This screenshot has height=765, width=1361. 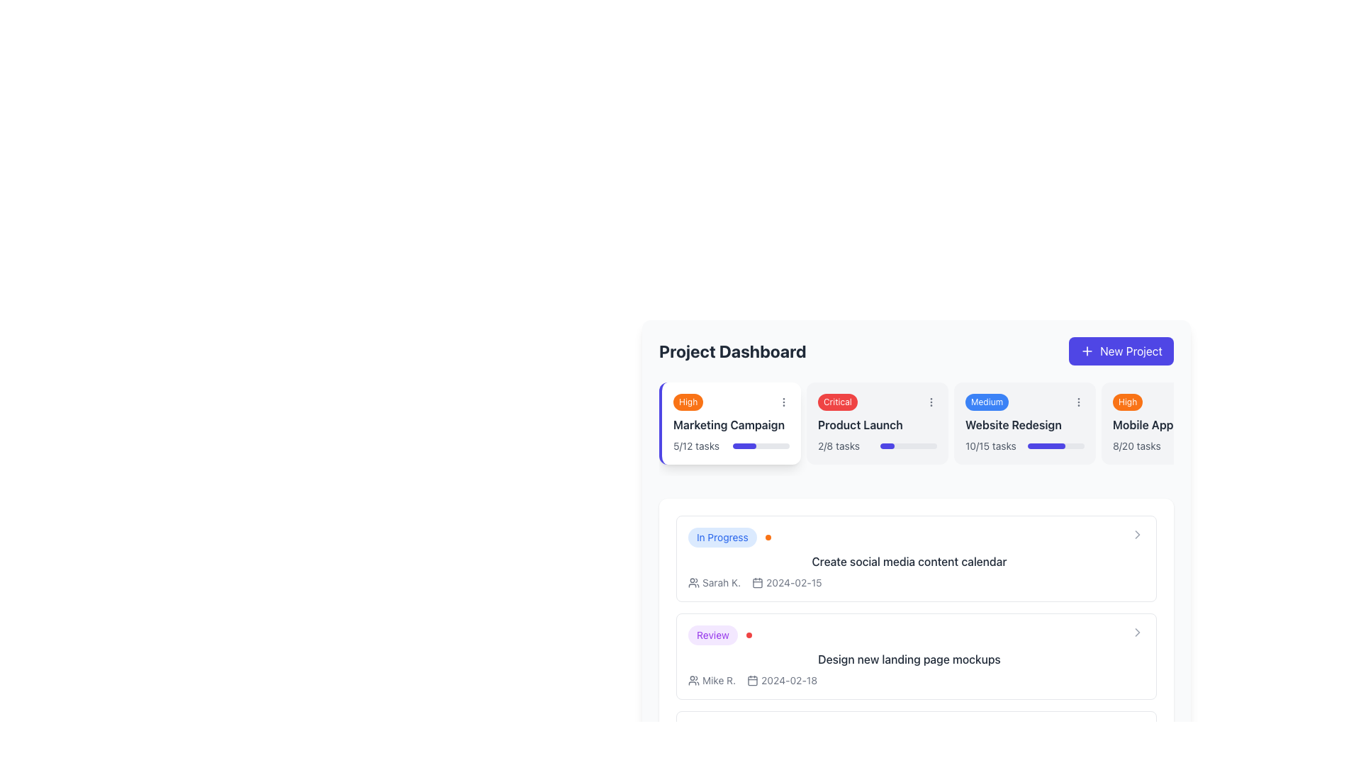 What do you see at coordinates (1136, 445) in the screenshot?
I see `text content of the Text Label indicating completed versus total tasks within the 'Mobile App' project card, located at the bottom-right portion of the card section` at bounding box center [1136, 445].